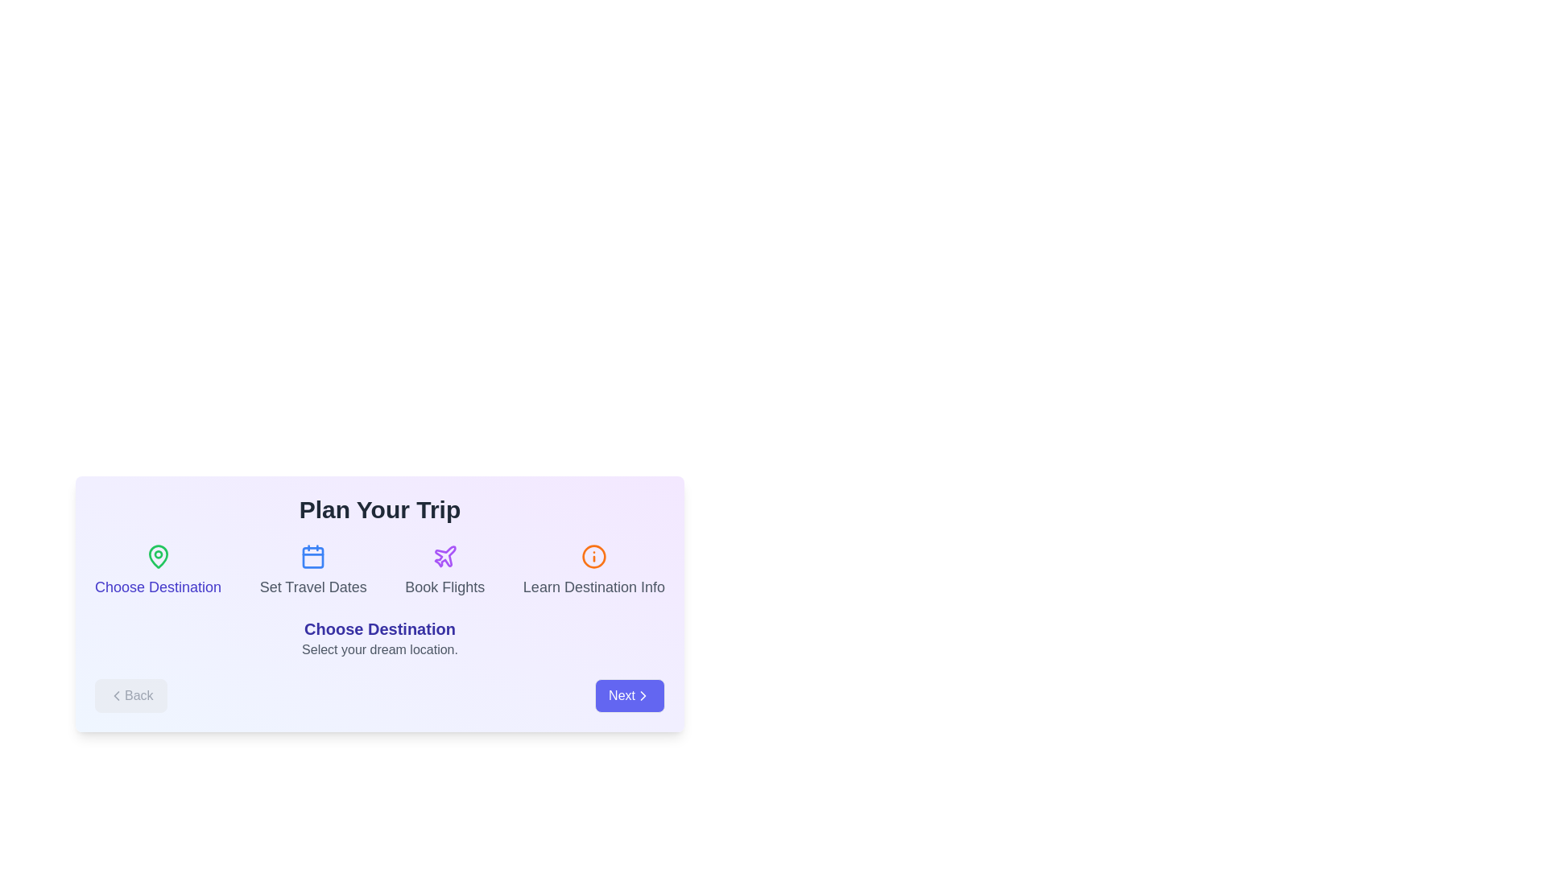  What do you see at coordinates (130, 694) in the screenshot?
I see `the 'Back' button, which is a disabled button with a light gray background and a chevron pointing left, located at the bottom-left of the navigation segment` at bounding box center [130, 694].